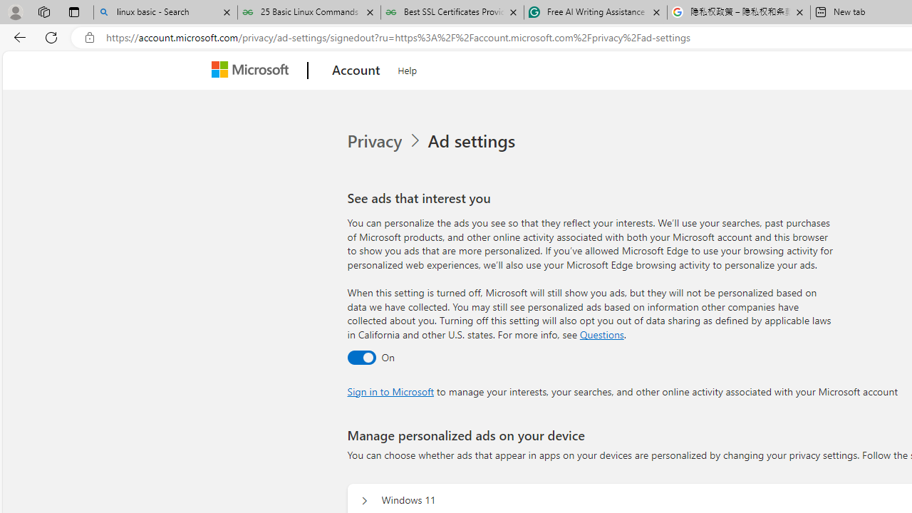 The image size is (912, 513). Describe the element at coordinates (376, 141) in the screenshot. I see `'Privacy'` at that location.